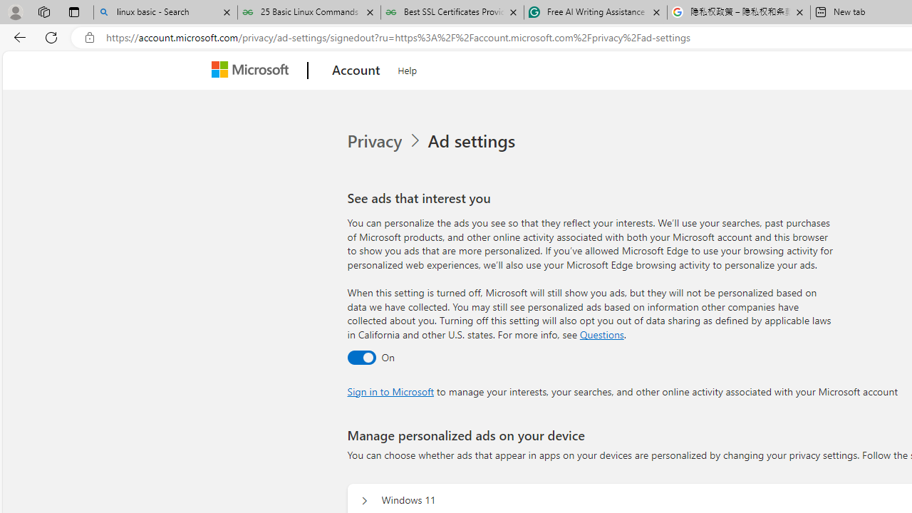 The image size is (912, 513). Describe the element at coordinates (376, 141) in the screenshot. I see `'Privacy'` at that location.